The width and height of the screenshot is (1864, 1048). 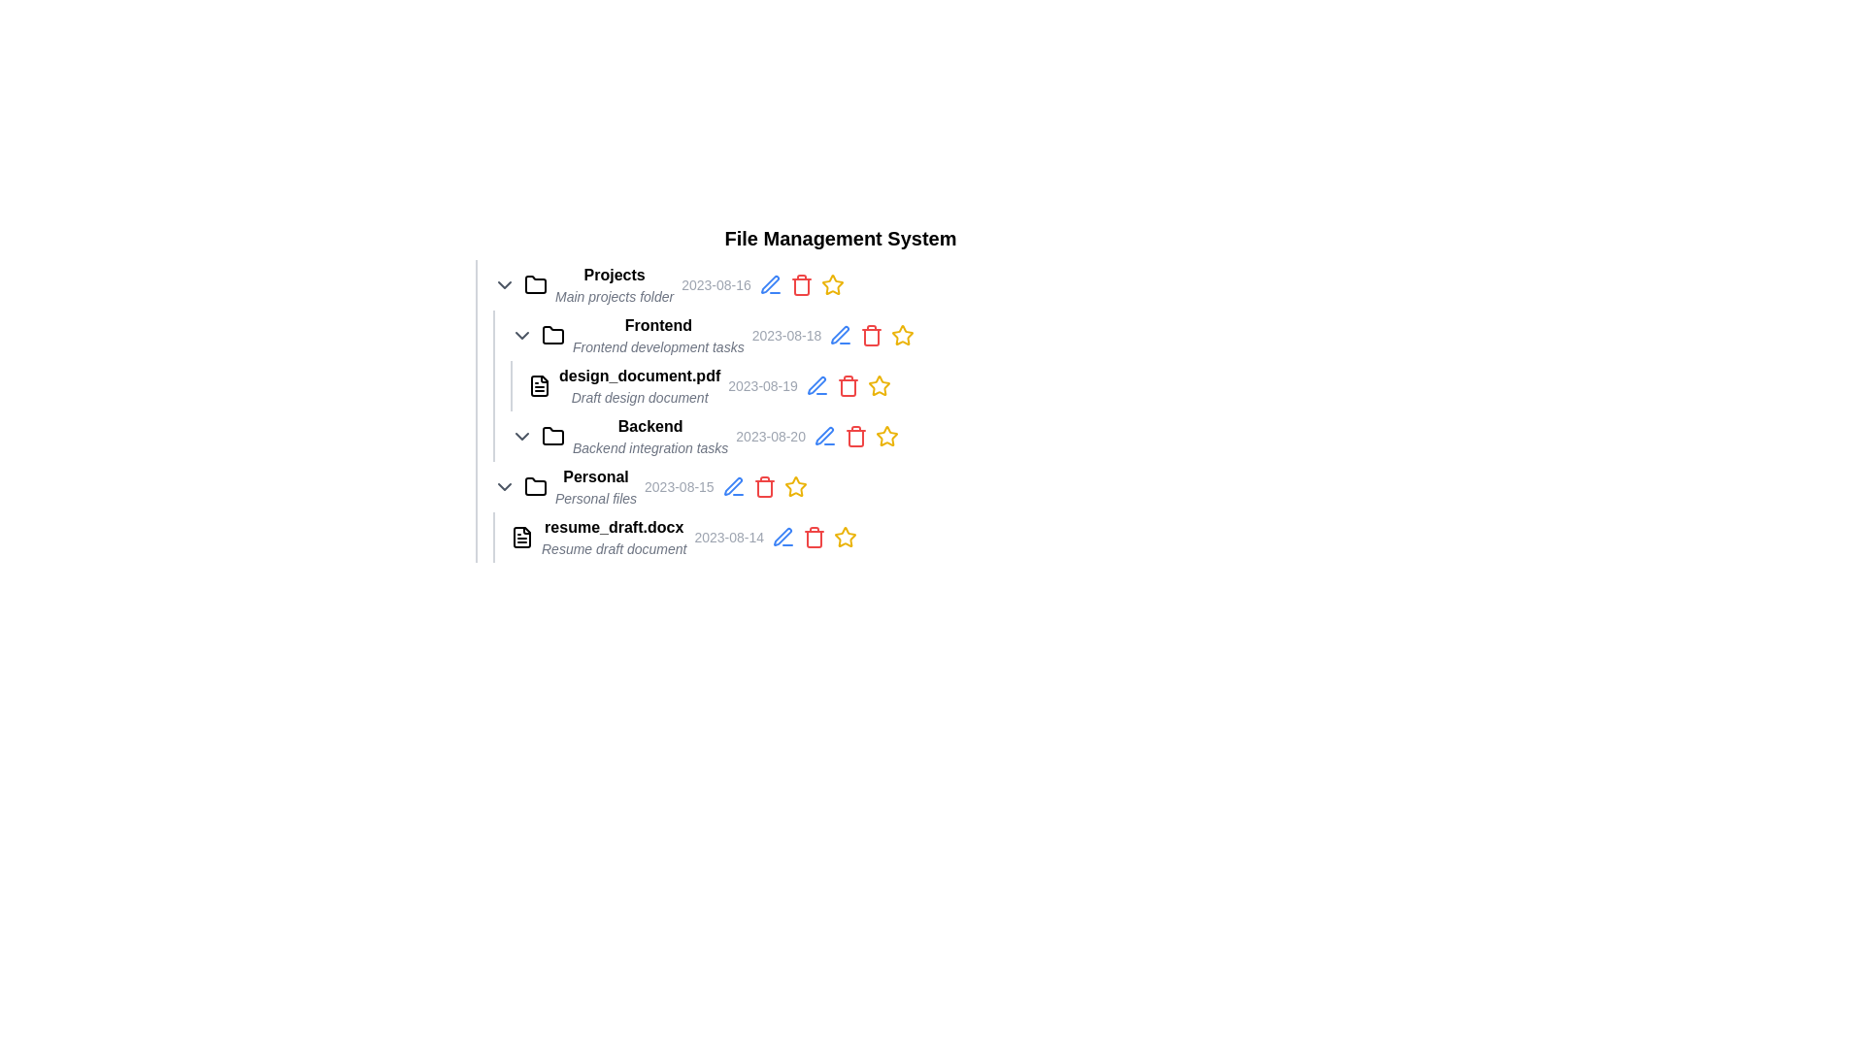 I want to click on the pencil icon associated with the 'Backend' folder entry in the 'Projects' section, so click(x=849, y=437).